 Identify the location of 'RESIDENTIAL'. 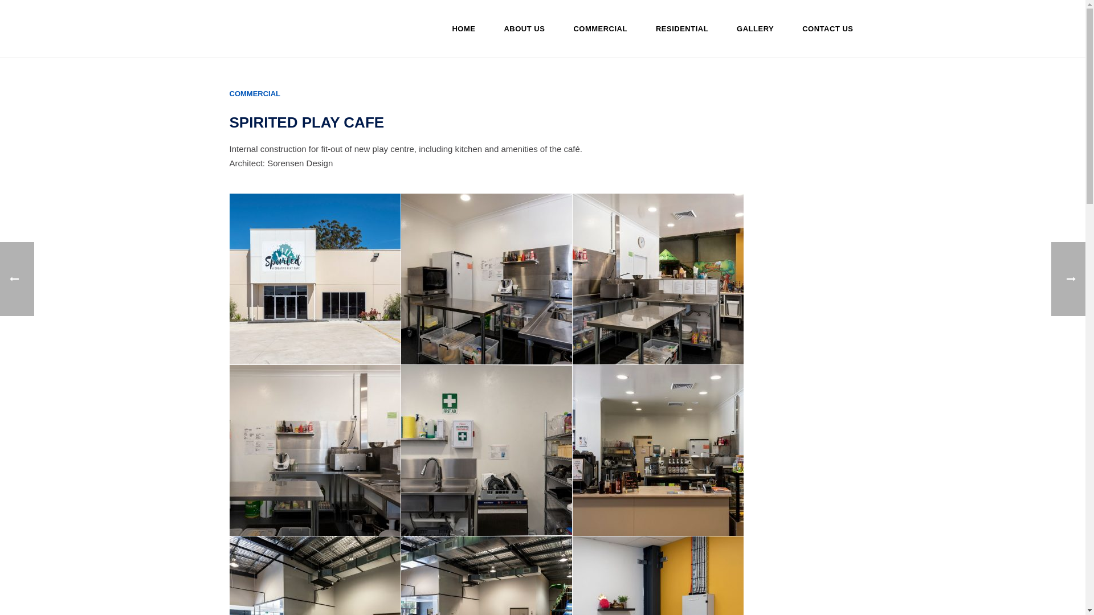
(681, 28).